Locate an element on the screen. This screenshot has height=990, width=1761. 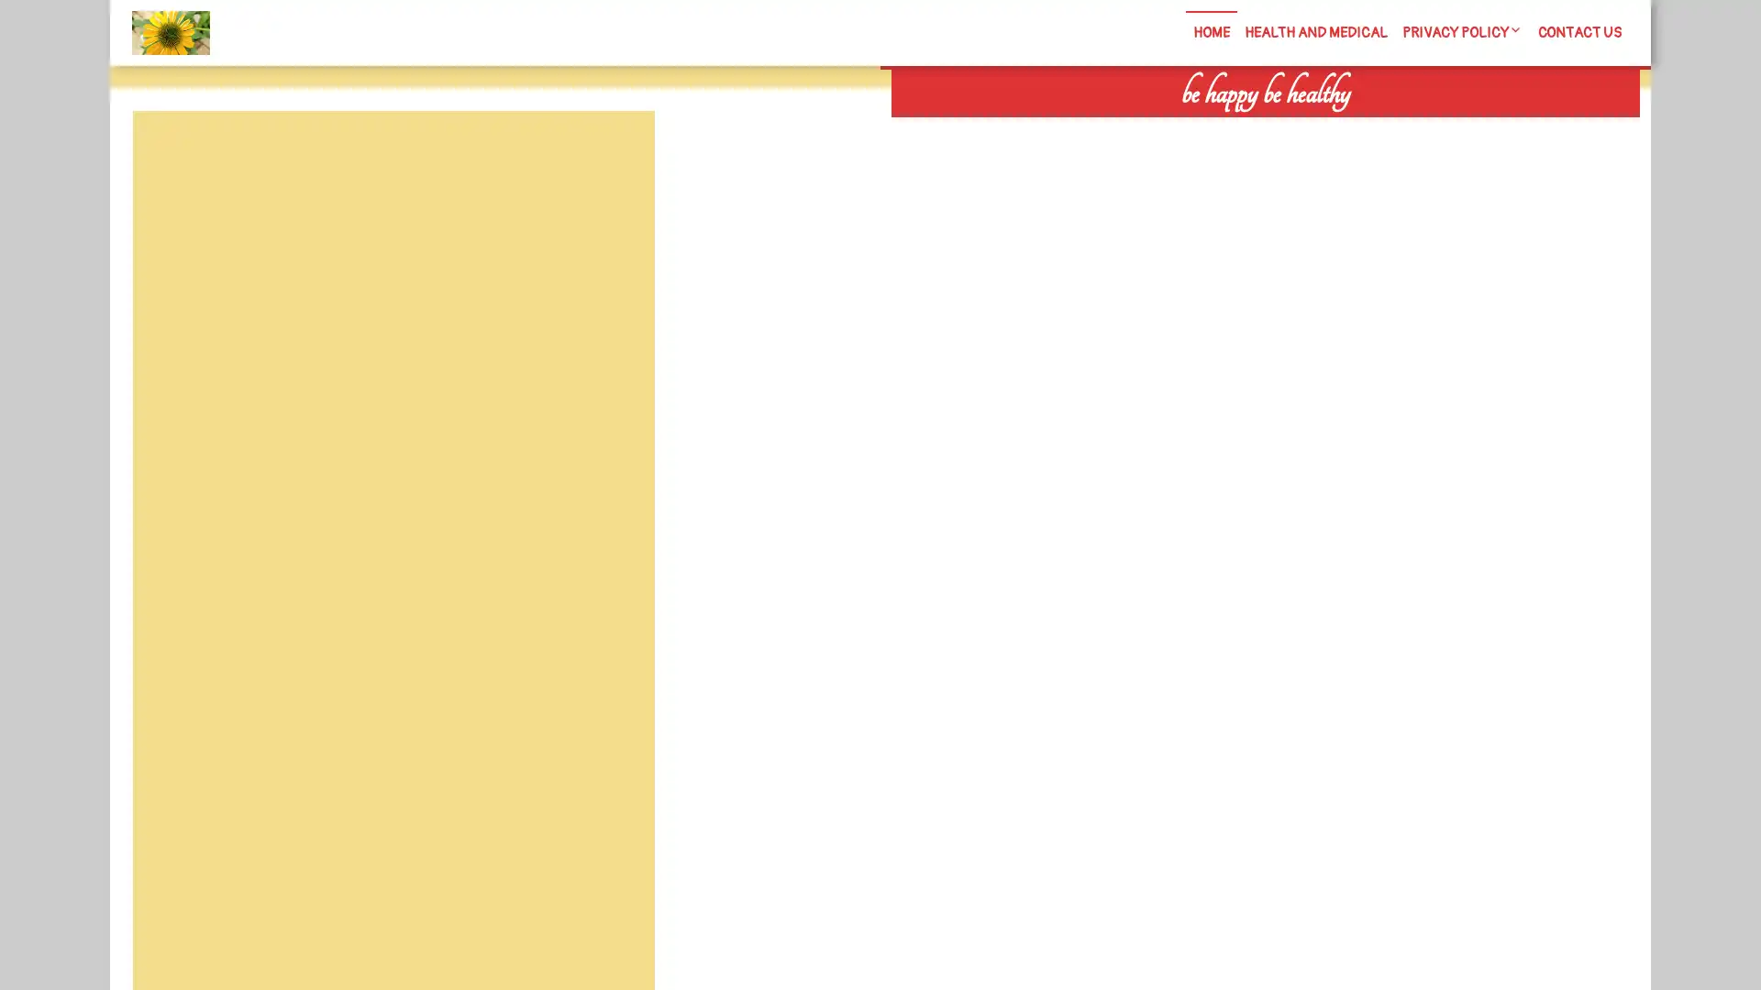
Search is located at coordinates (1428, 128).